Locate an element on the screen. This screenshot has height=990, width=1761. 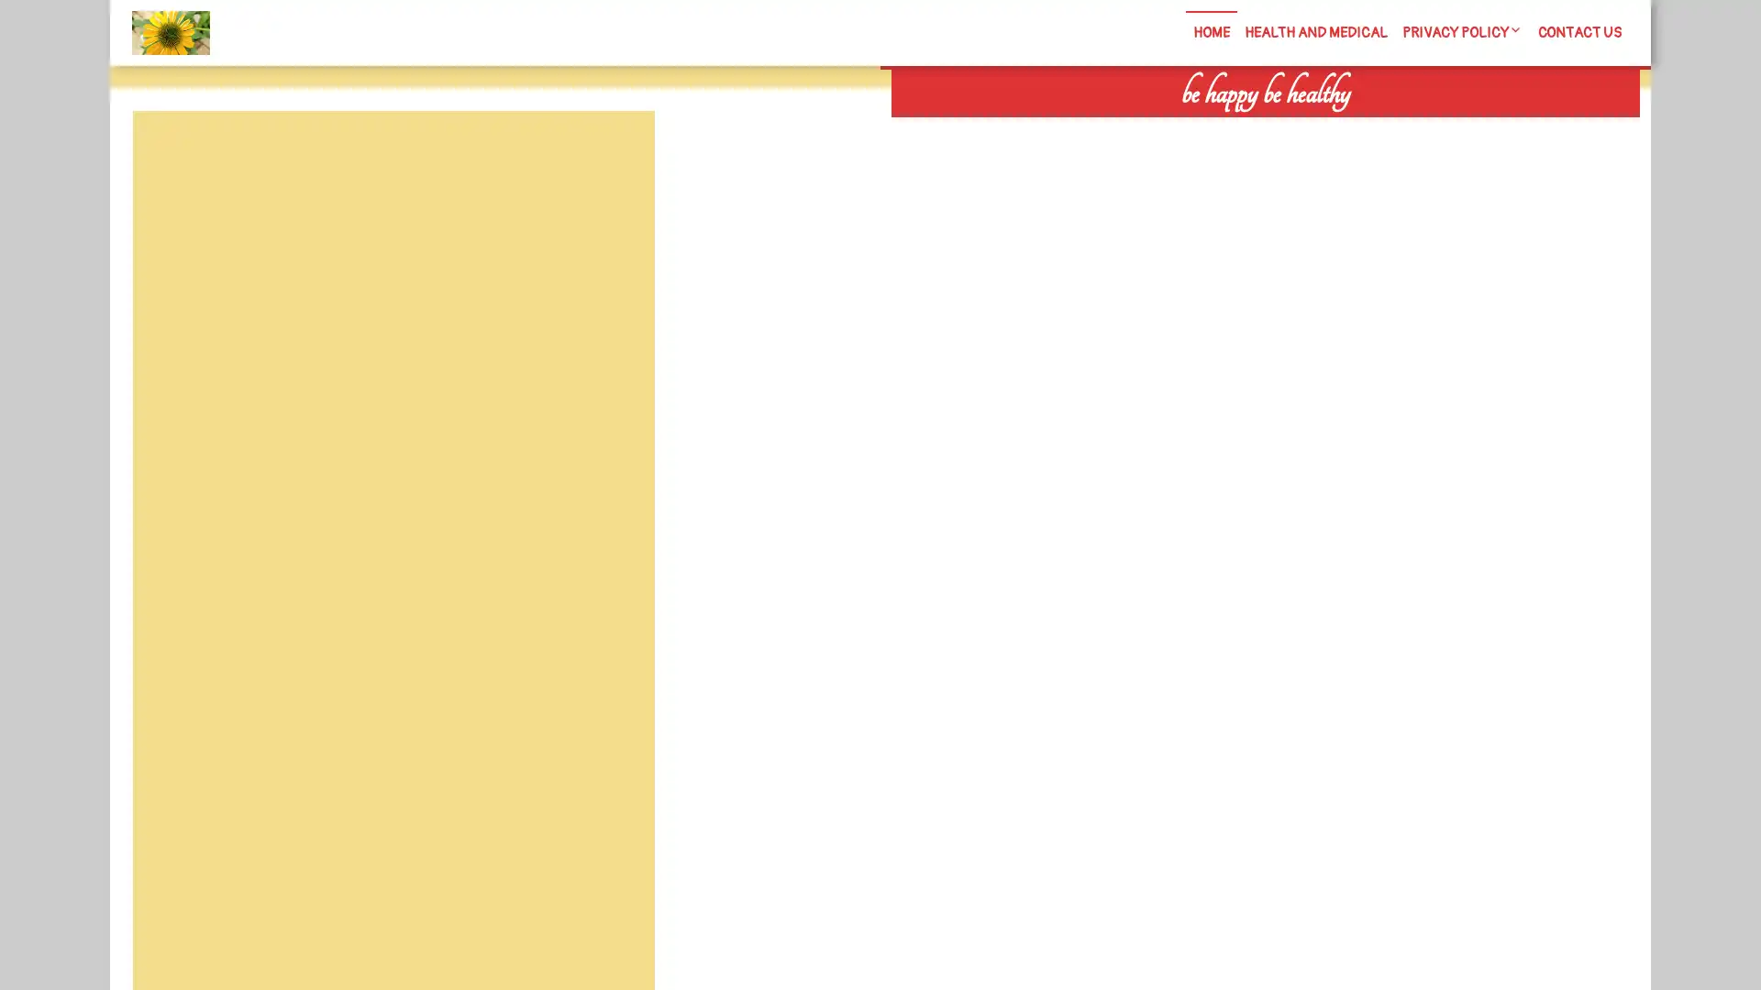
Search is located at coordinates (1428, 128).